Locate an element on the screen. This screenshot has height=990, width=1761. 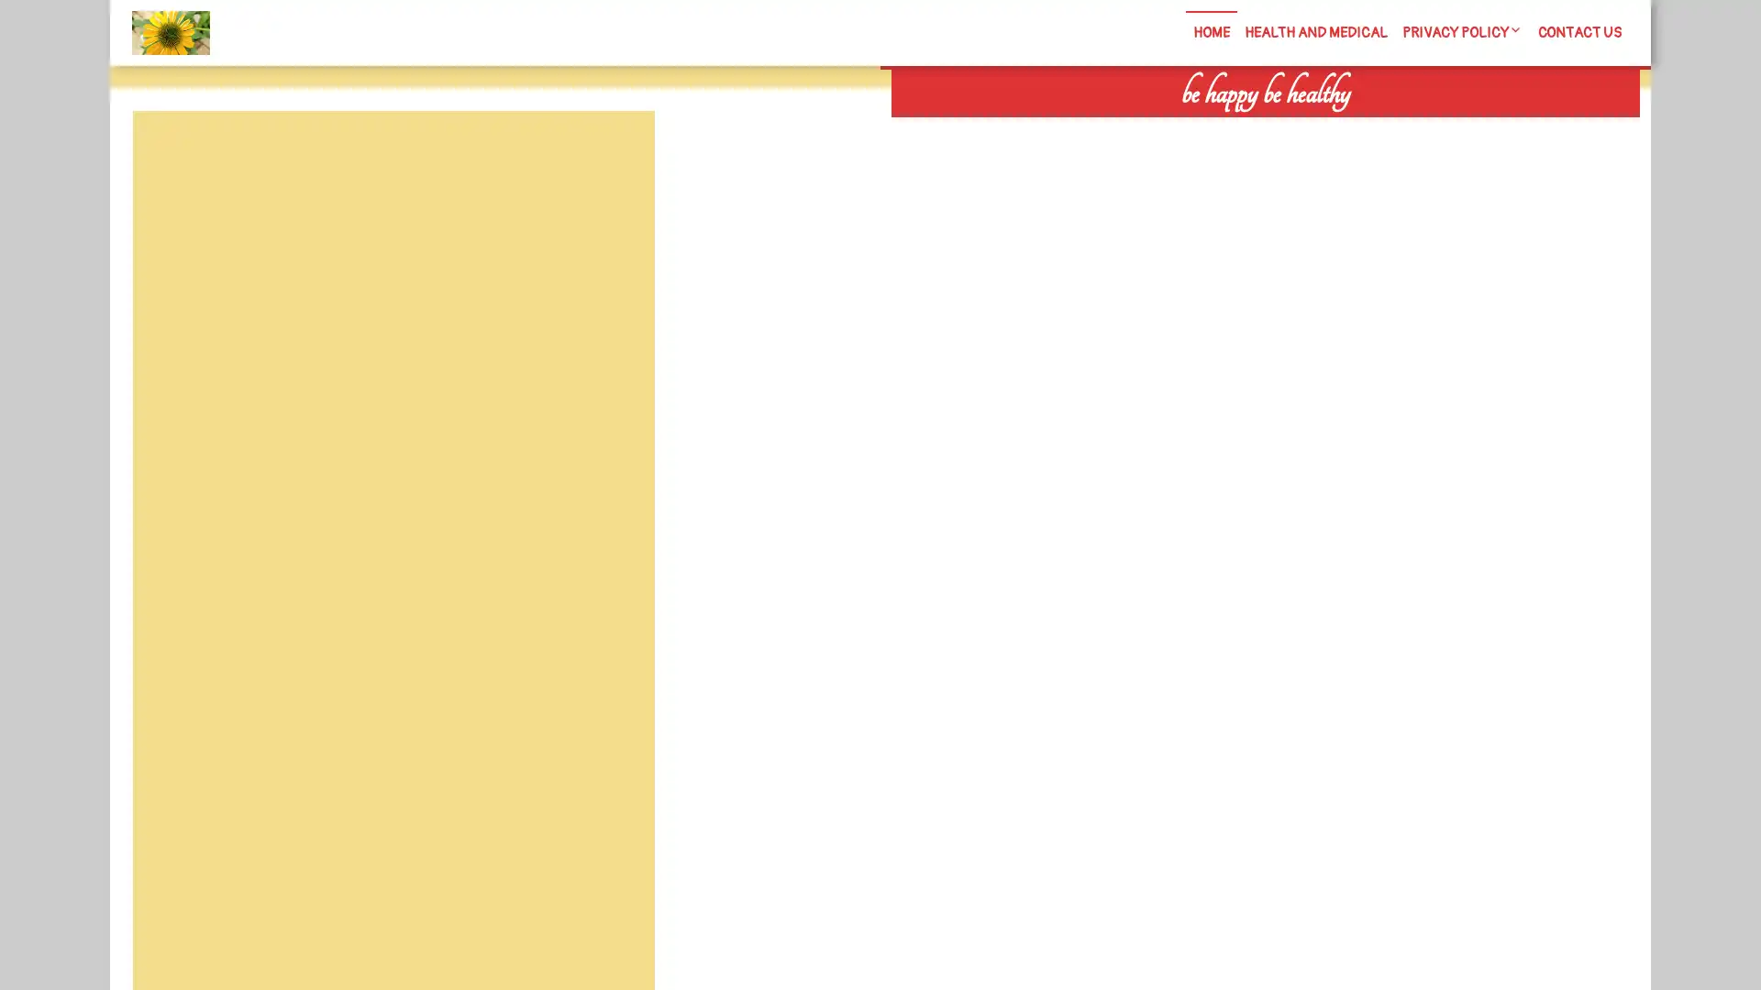
Search is located at coordinates (1428, 128).